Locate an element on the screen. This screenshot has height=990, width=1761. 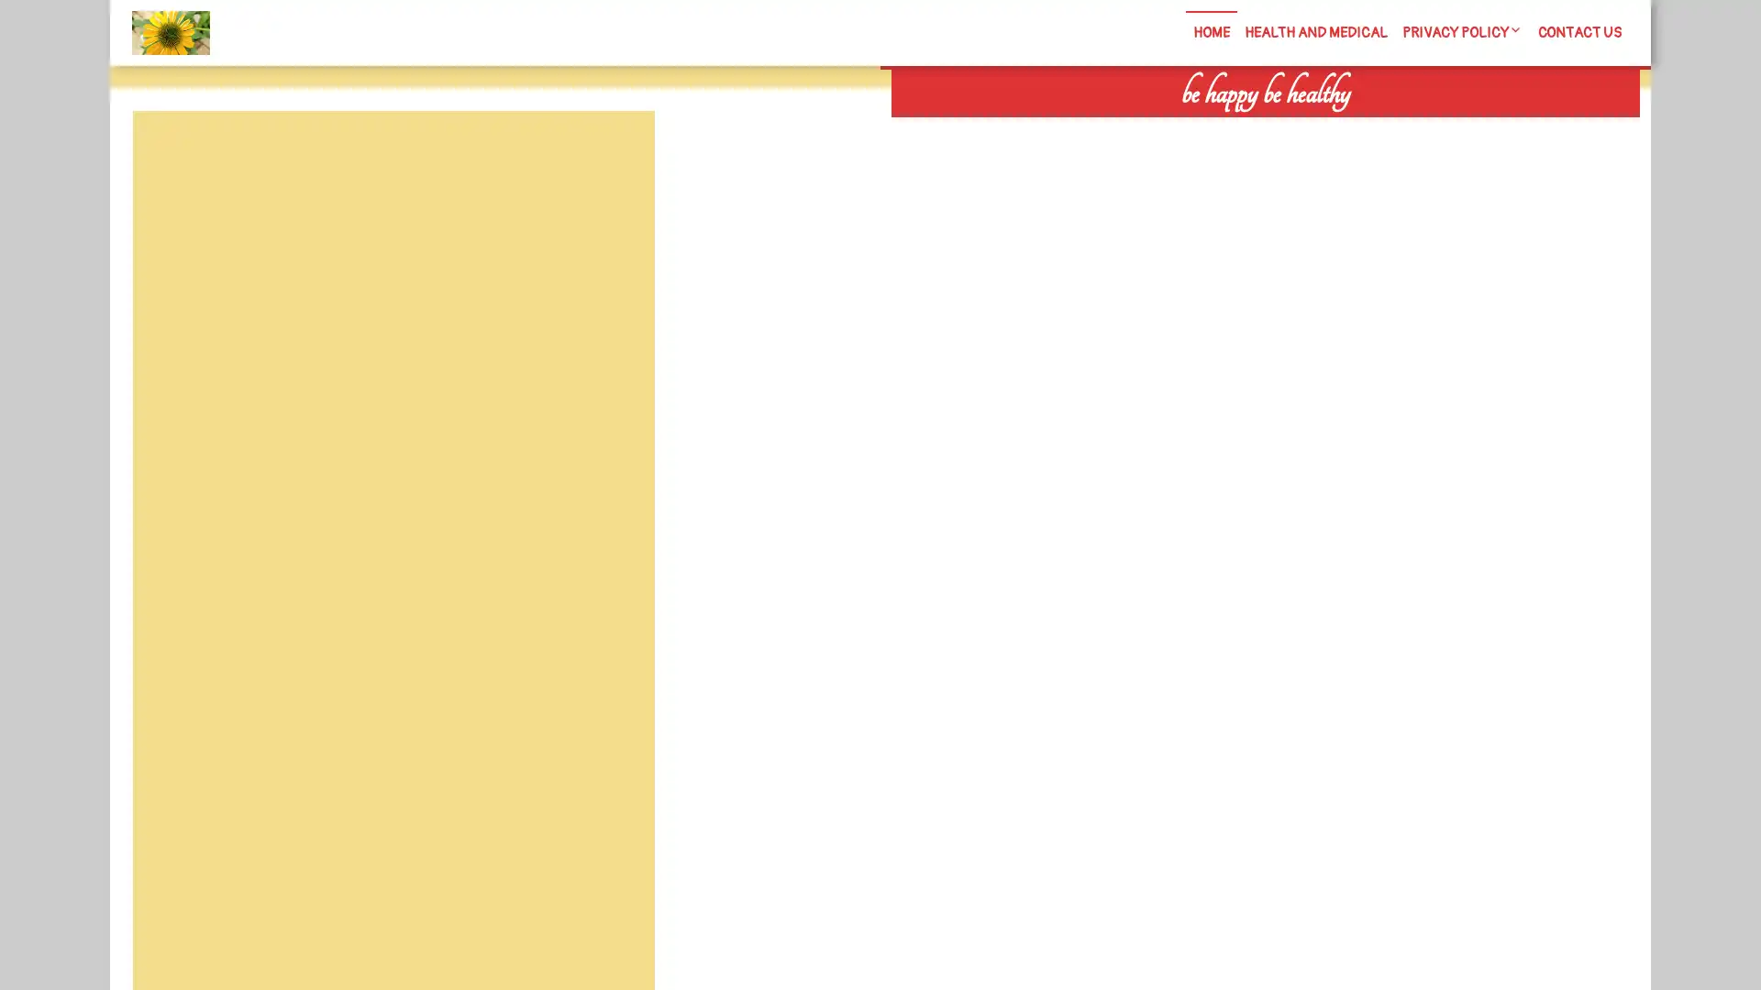
Search is located at coordinates (1428, 128).